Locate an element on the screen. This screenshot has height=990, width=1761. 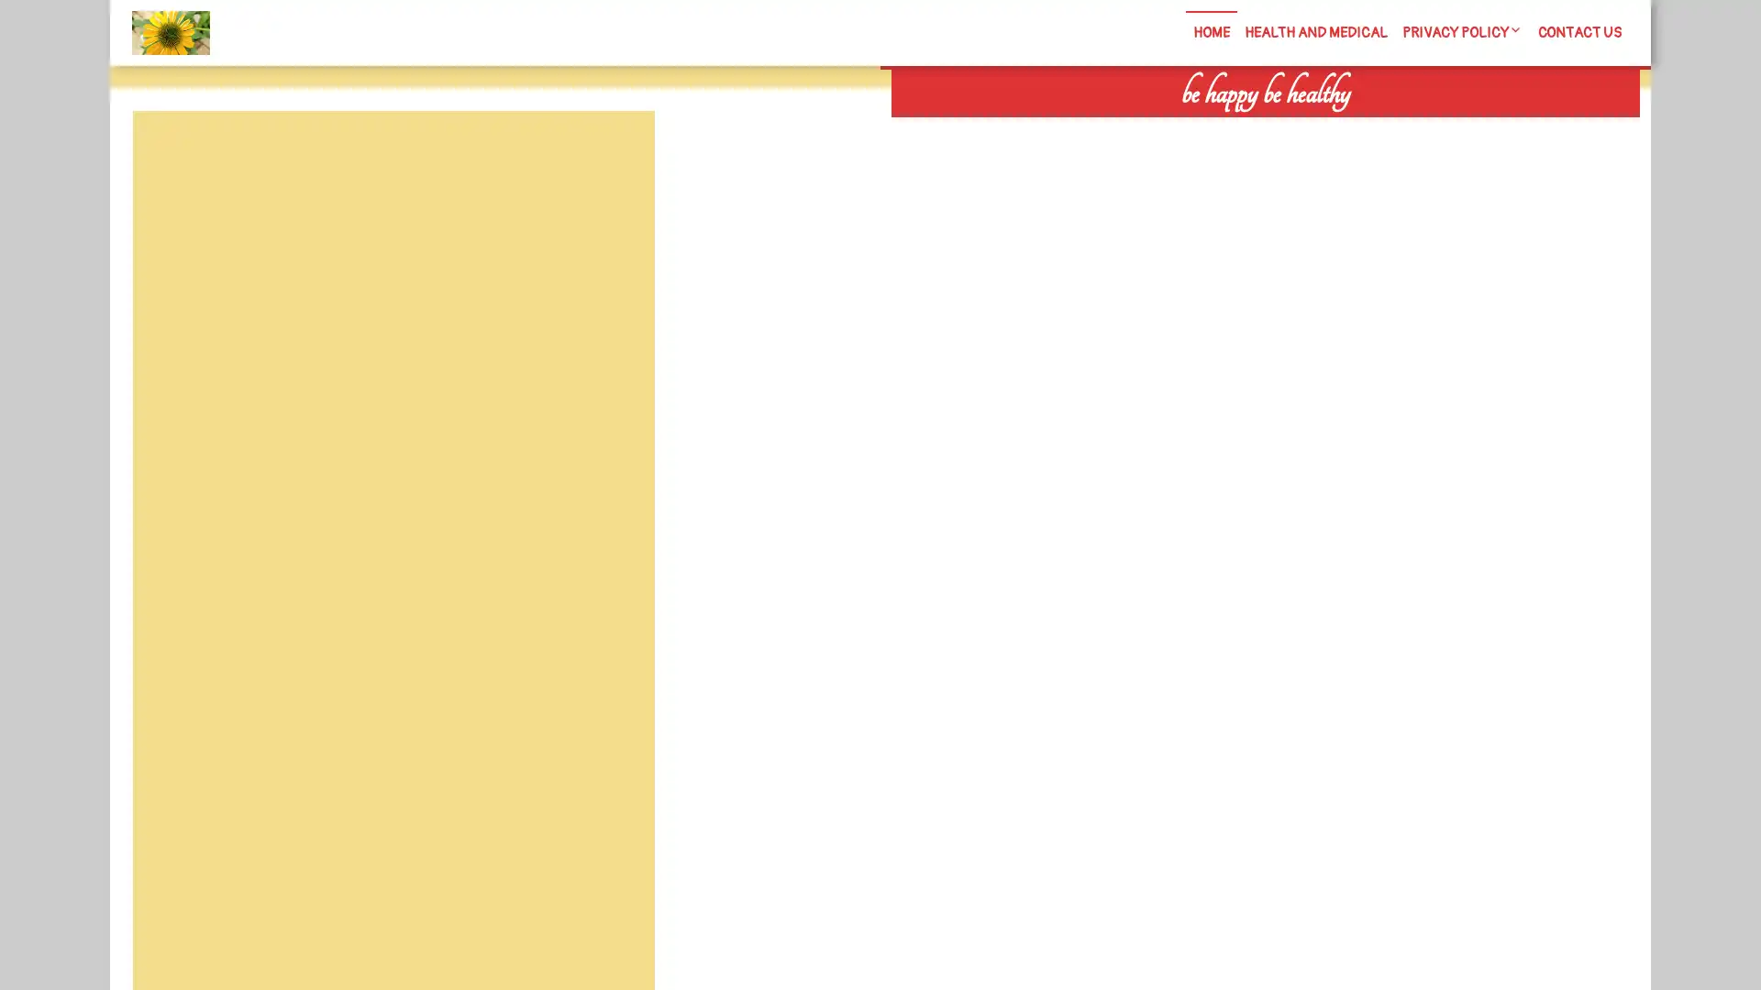
Search is located at coordinates (1428, 128).